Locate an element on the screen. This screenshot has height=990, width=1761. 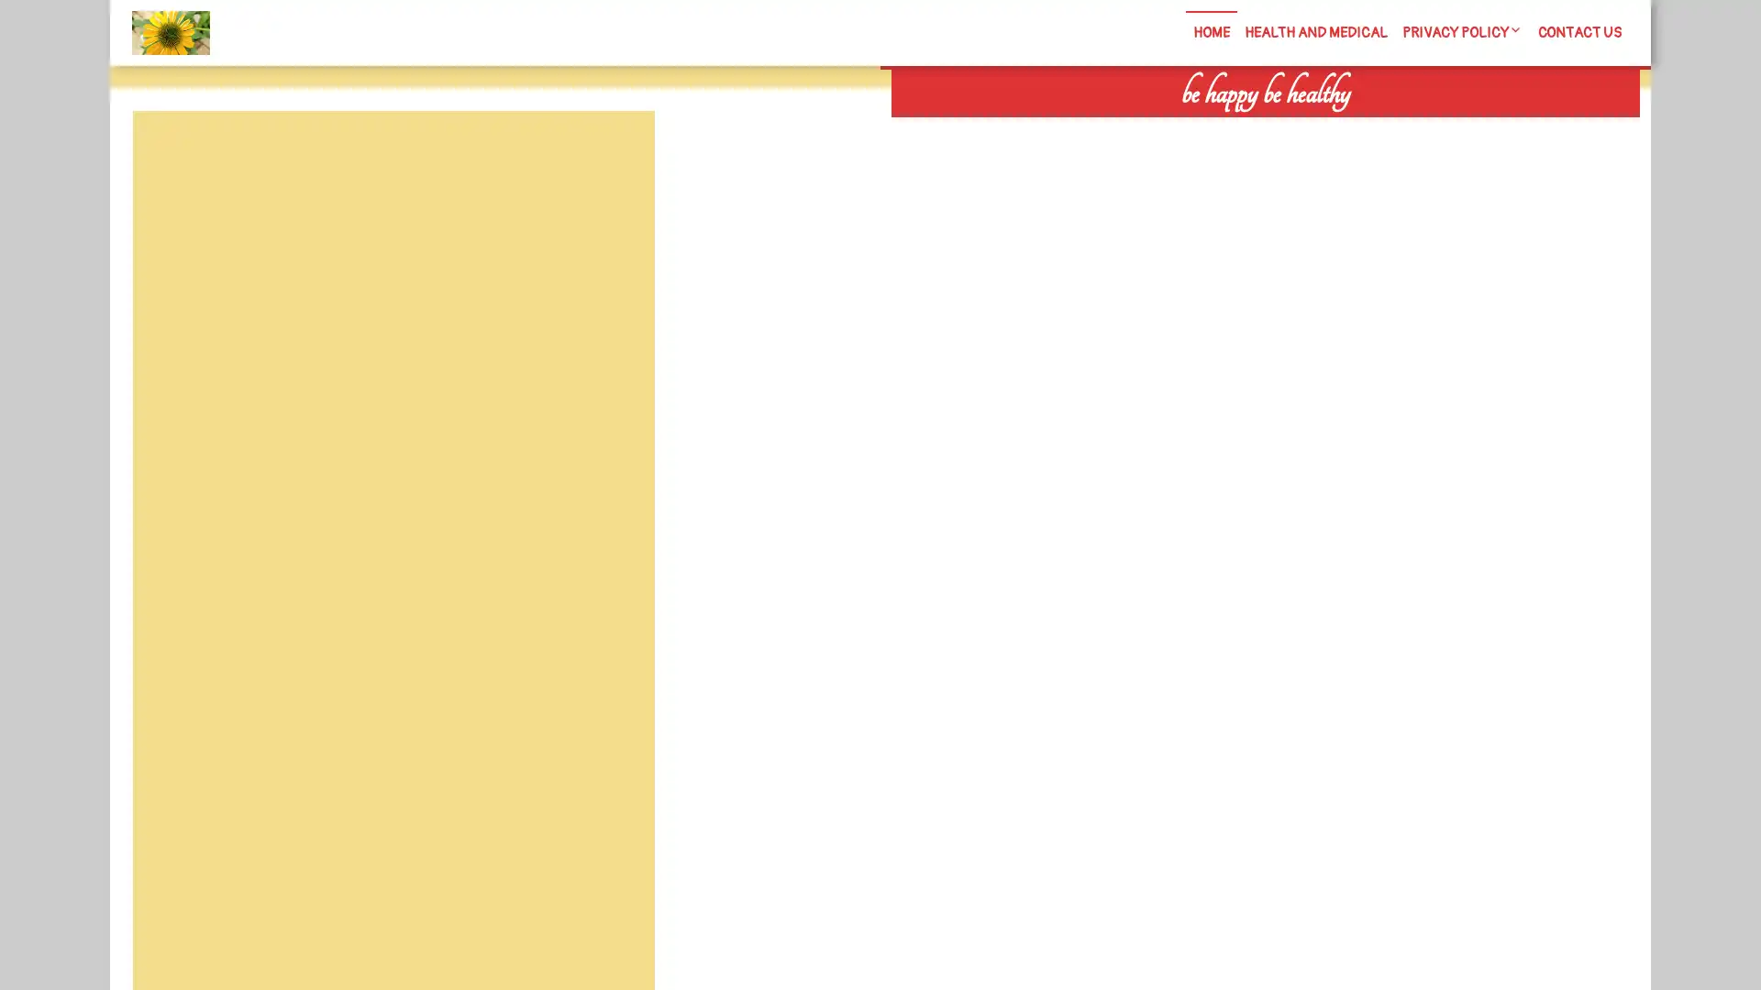
Search is located at coordinates (1428, 128).